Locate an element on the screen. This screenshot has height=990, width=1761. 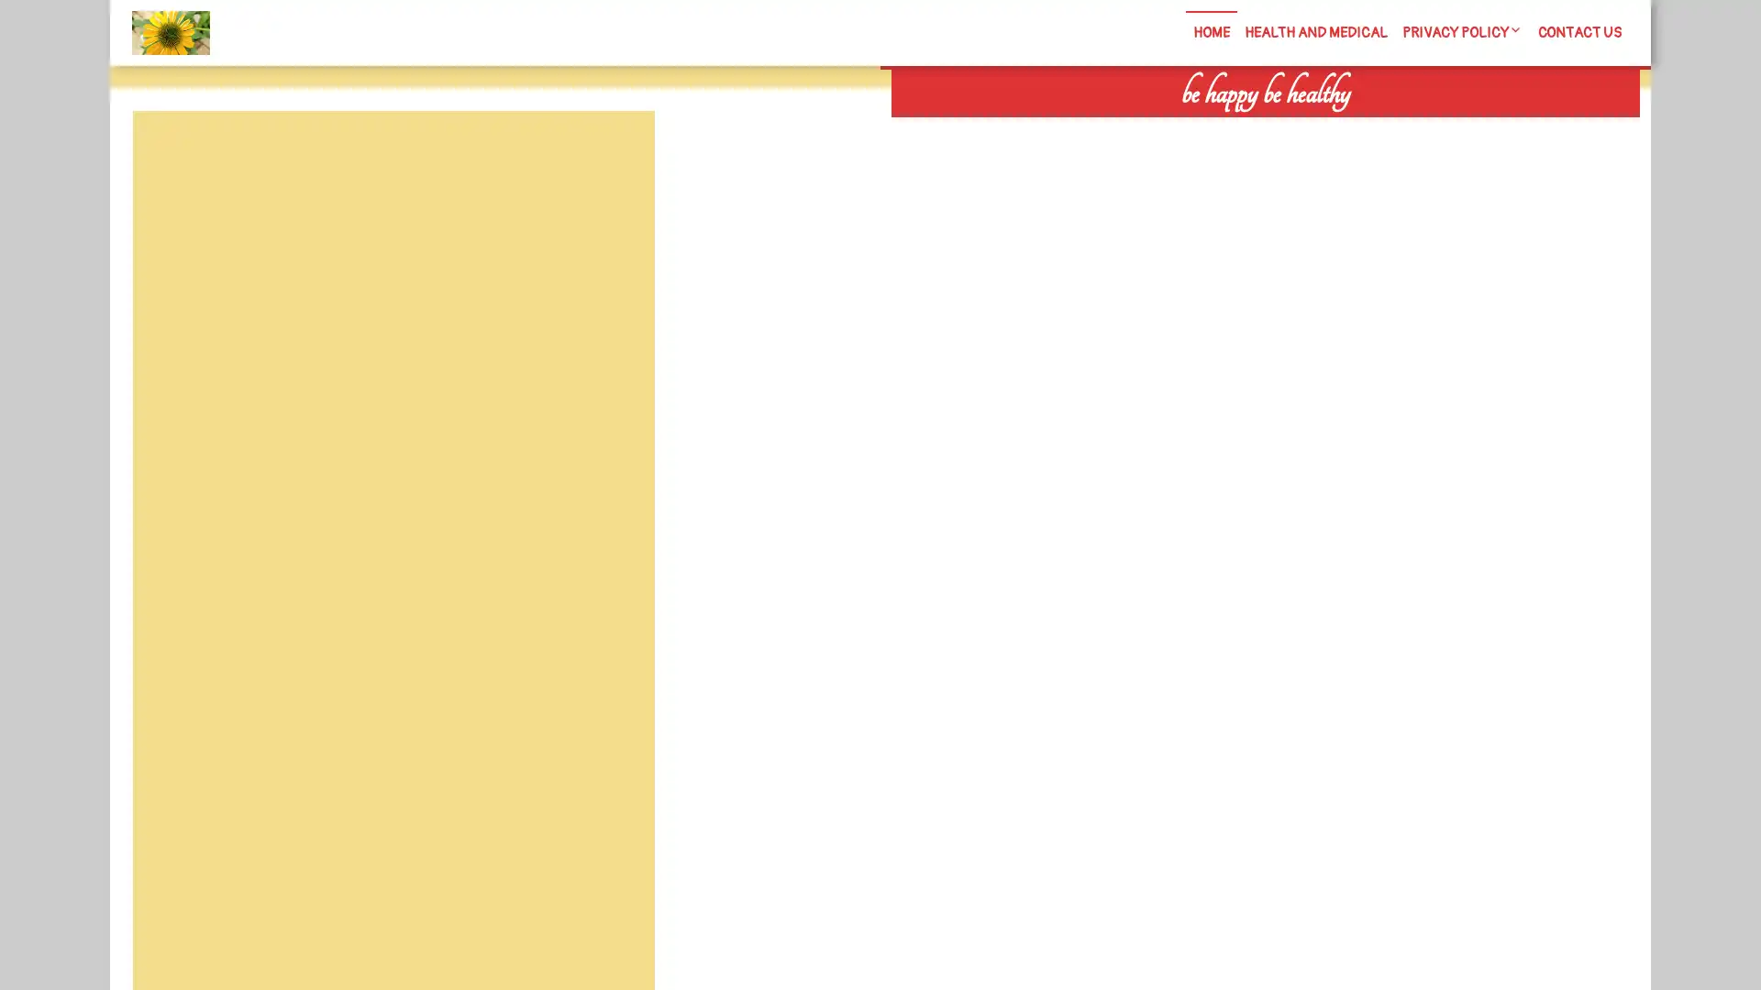
Search is located at coordinates (1428, 128).